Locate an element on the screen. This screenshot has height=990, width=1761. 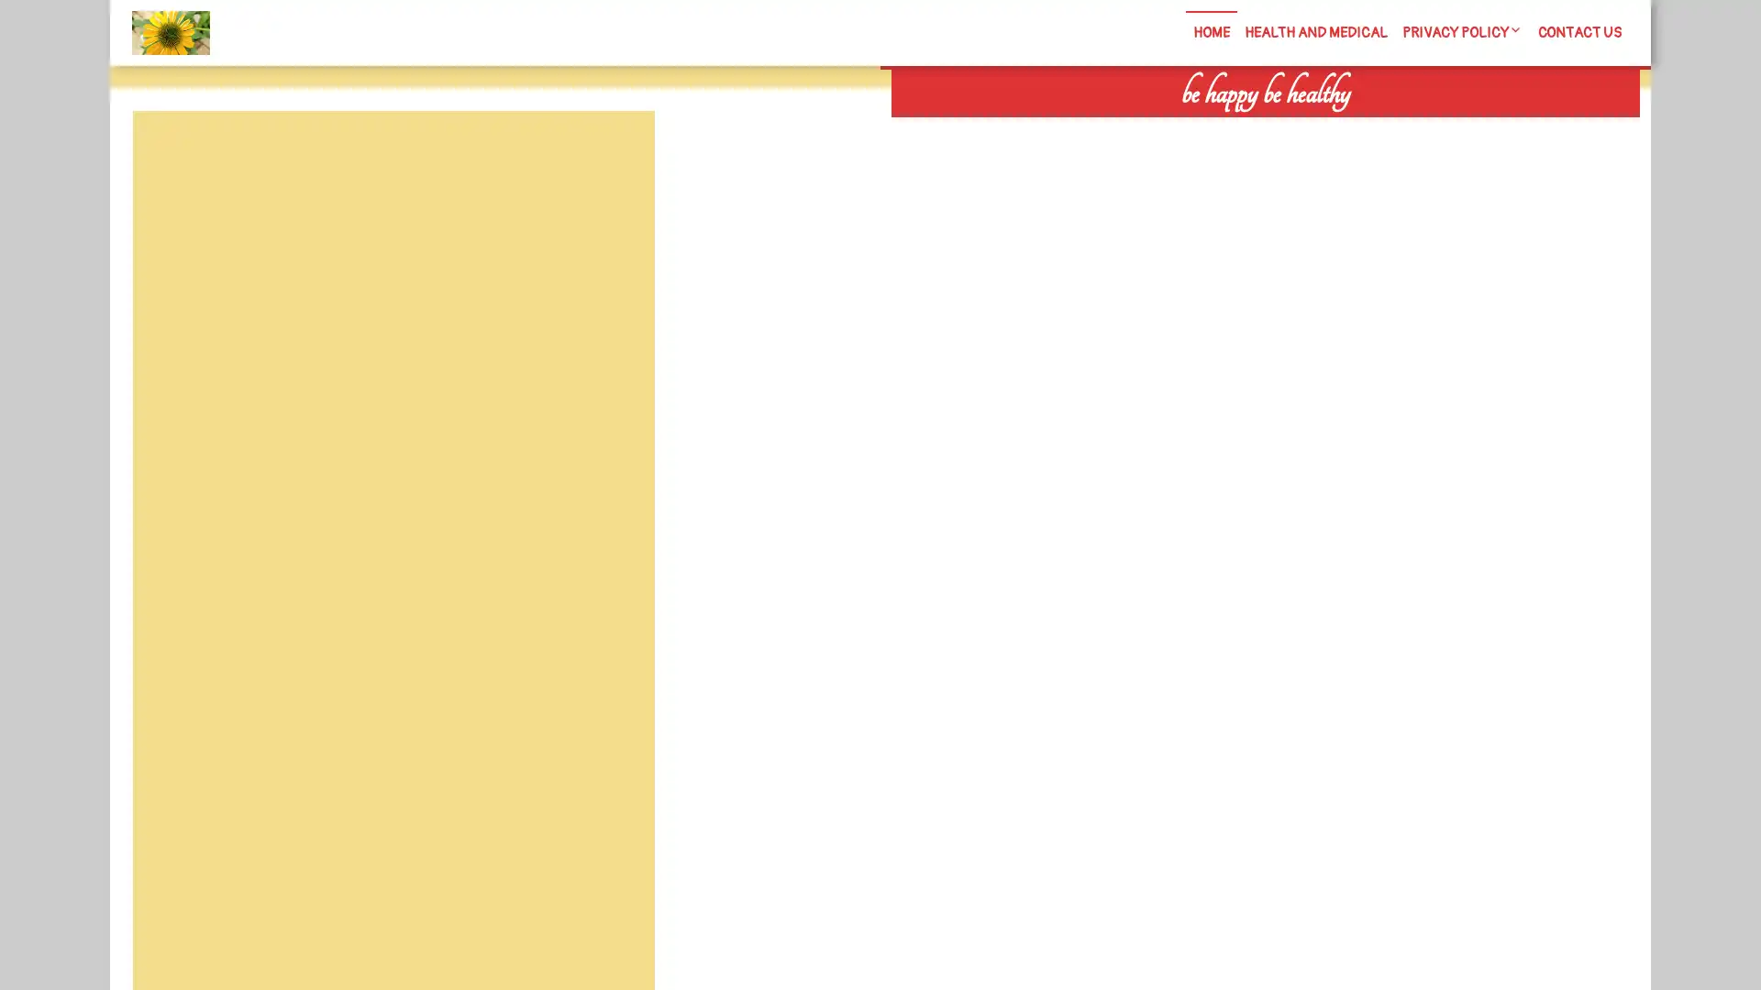
Search is located at coordinates (1428, 128).